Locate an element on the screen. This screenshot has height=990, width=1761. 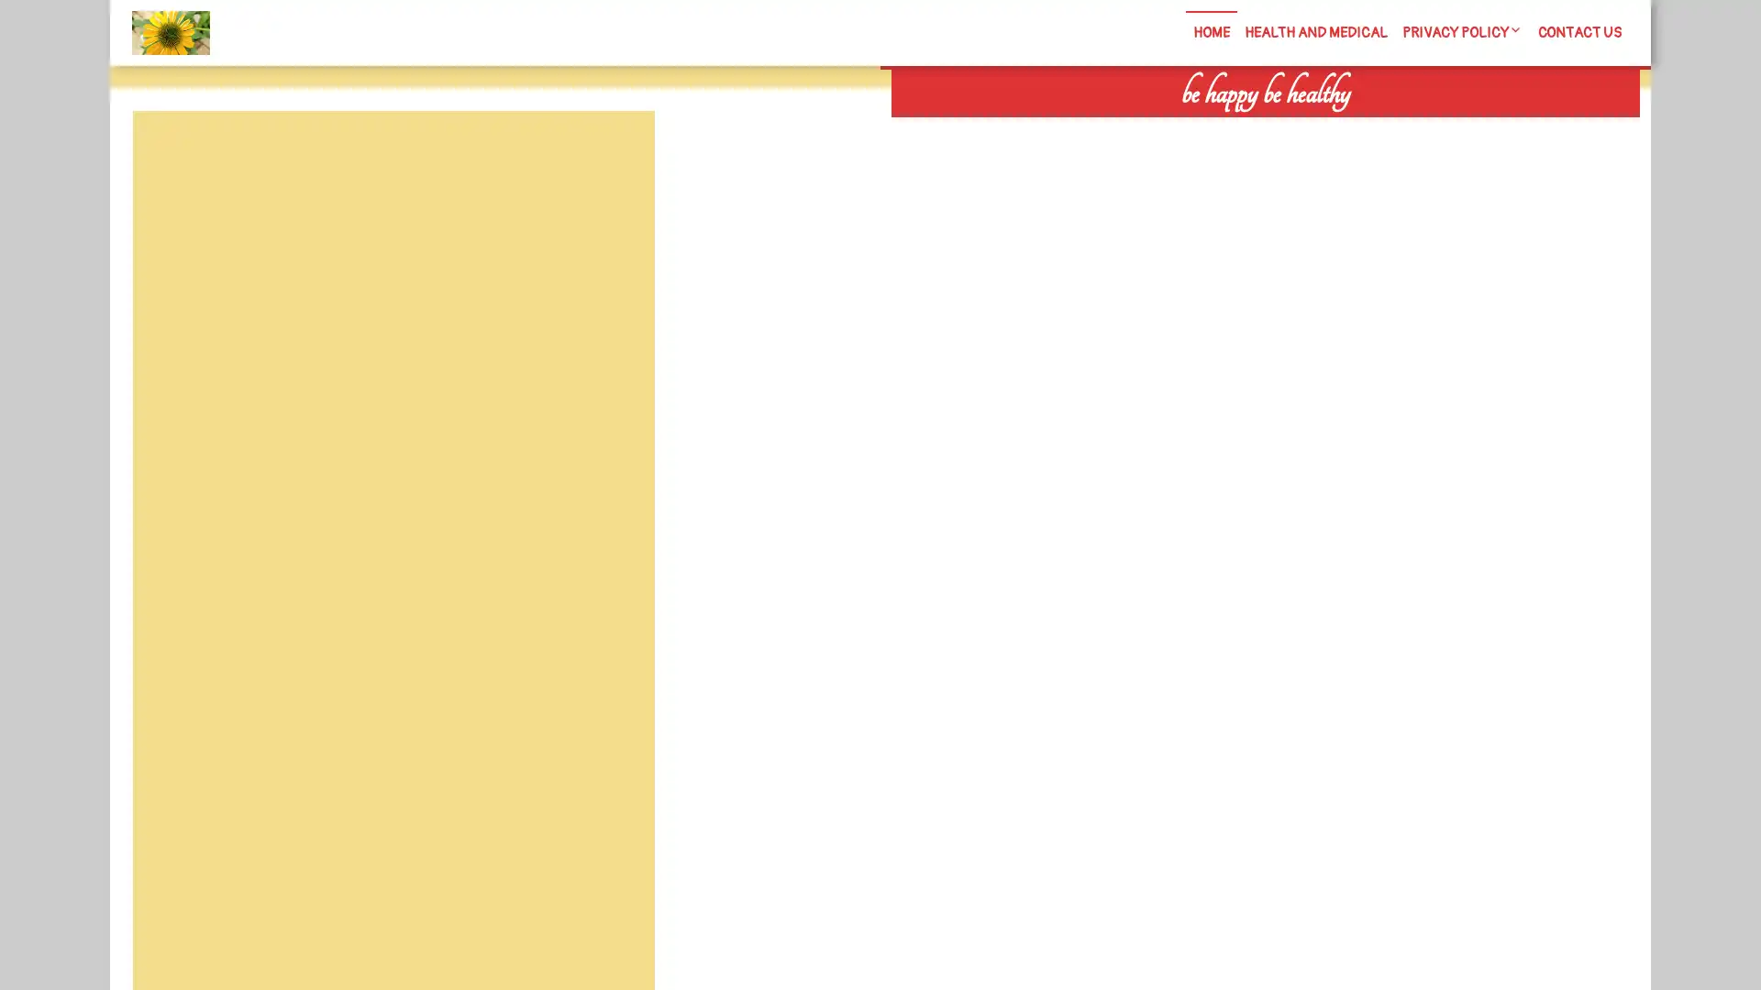
Search is located at coordinates (1428, 128).